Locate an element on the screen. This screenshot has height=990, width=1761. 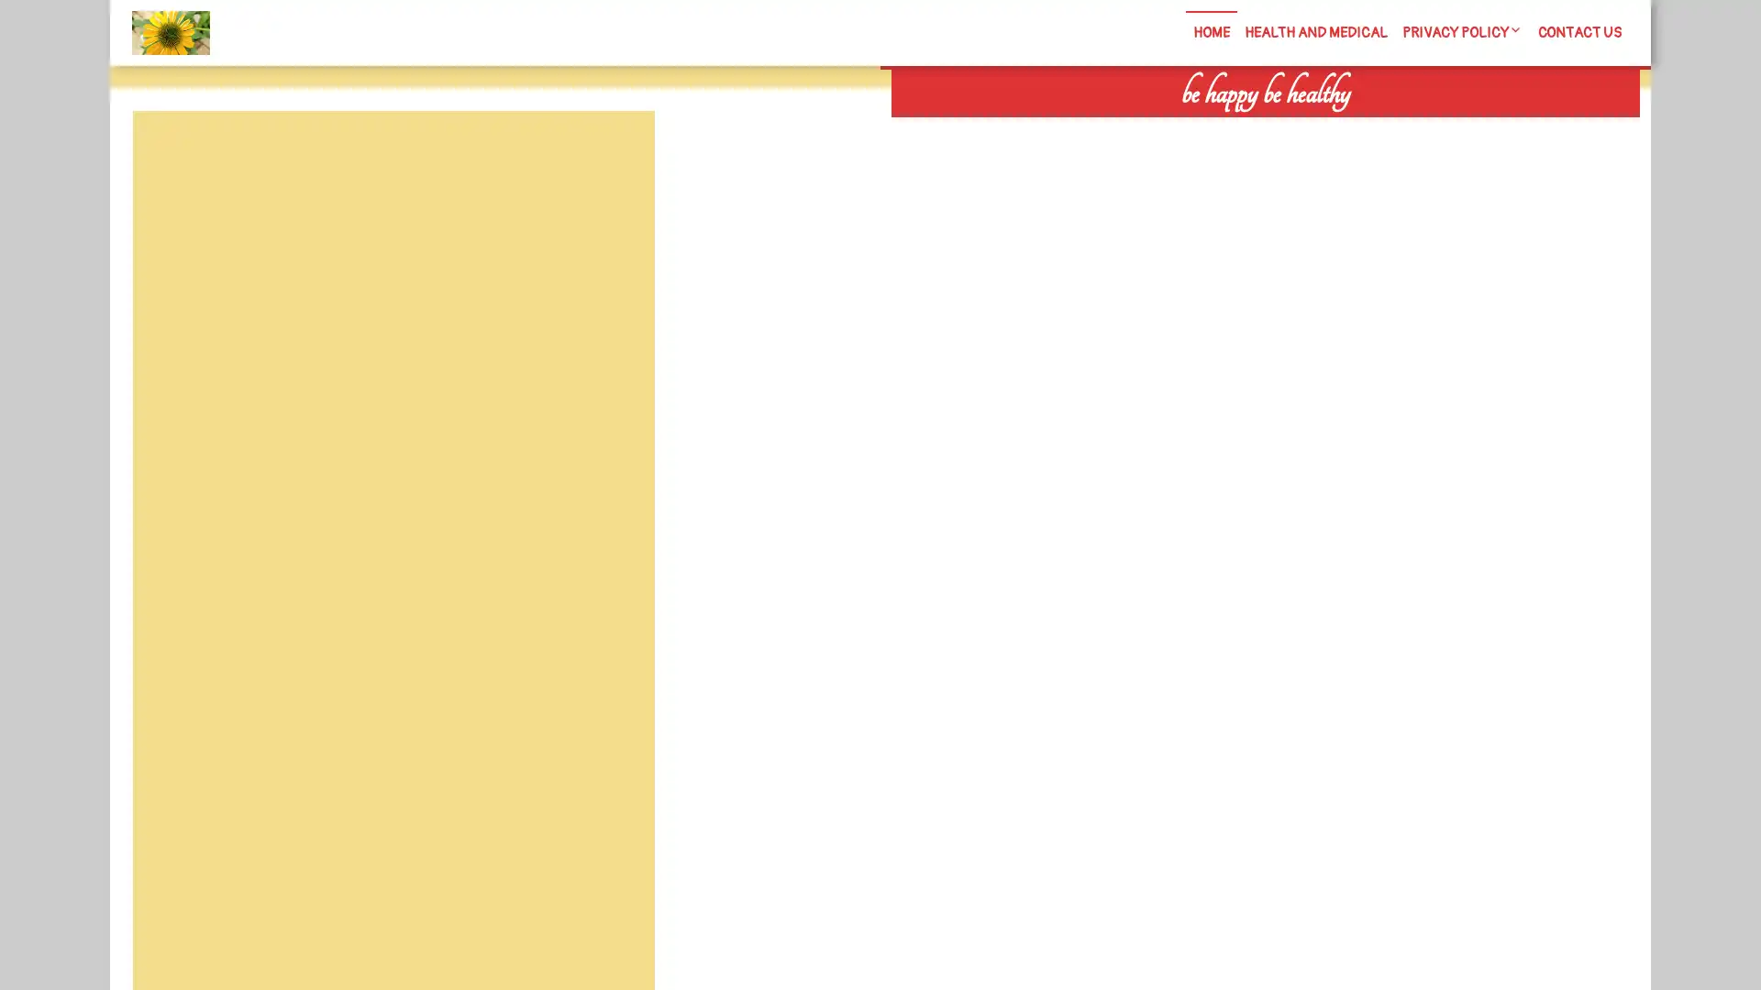
Search is located at coordinates (1428, 128).